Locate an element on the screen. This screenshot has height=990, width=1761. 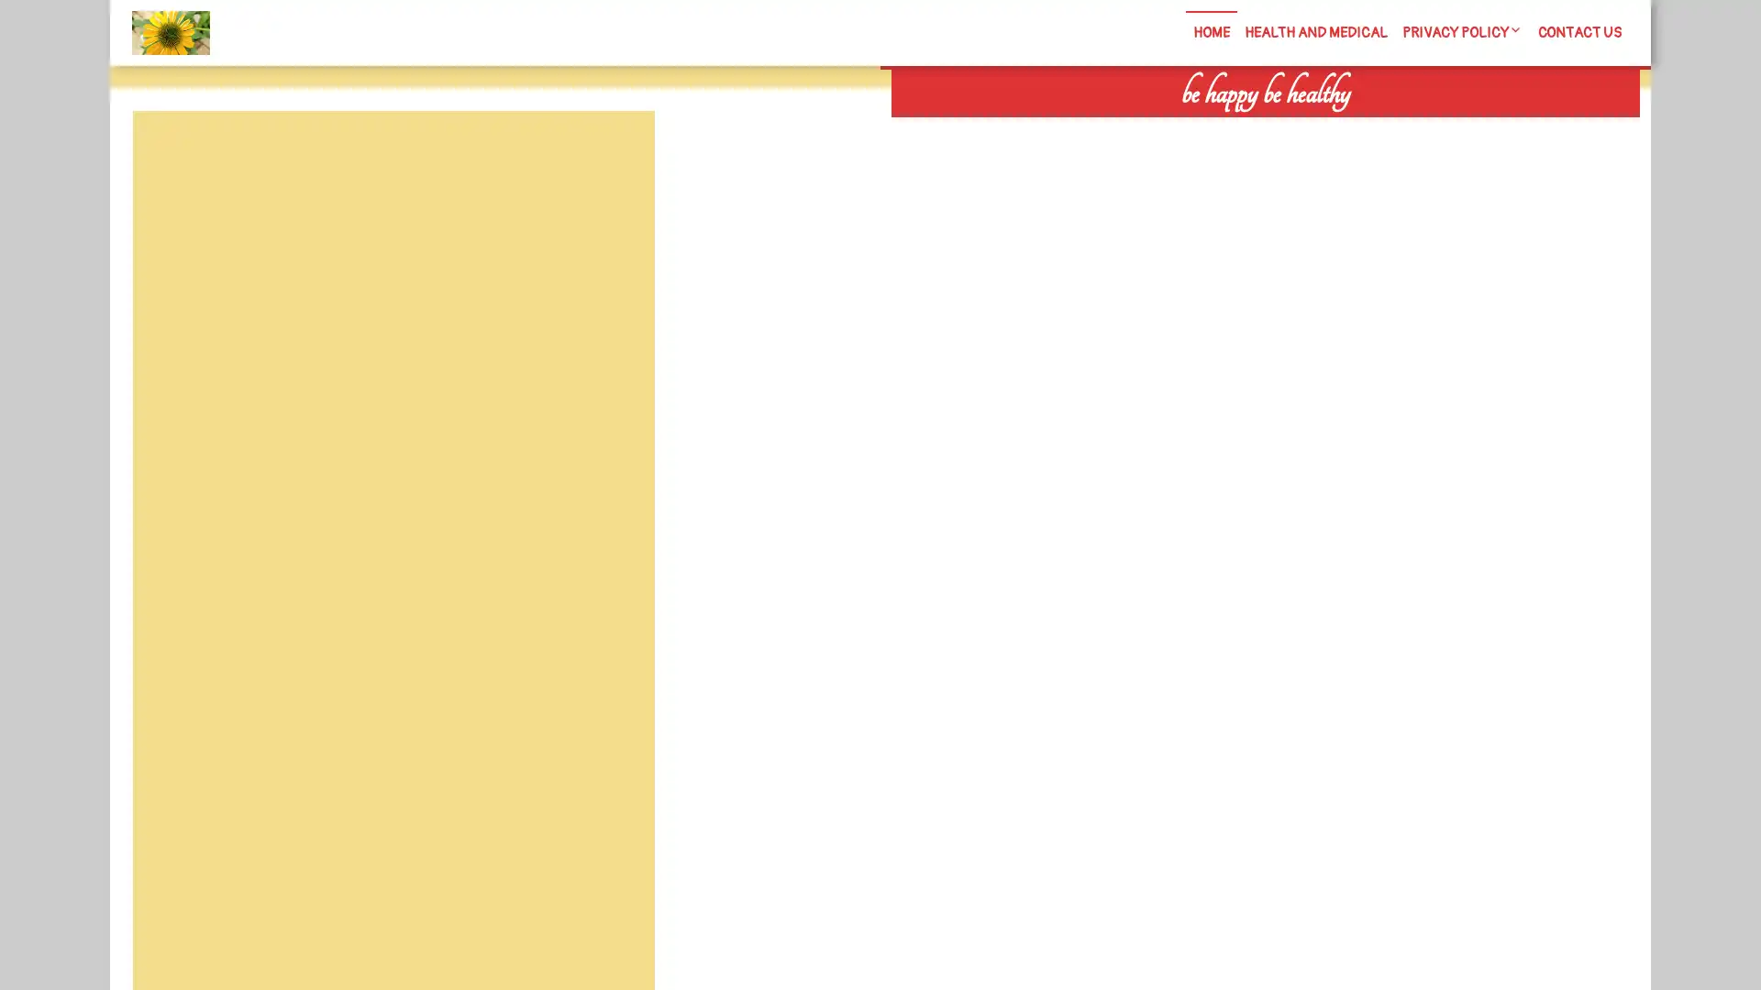
Search is located at coordinates (1428, 128).